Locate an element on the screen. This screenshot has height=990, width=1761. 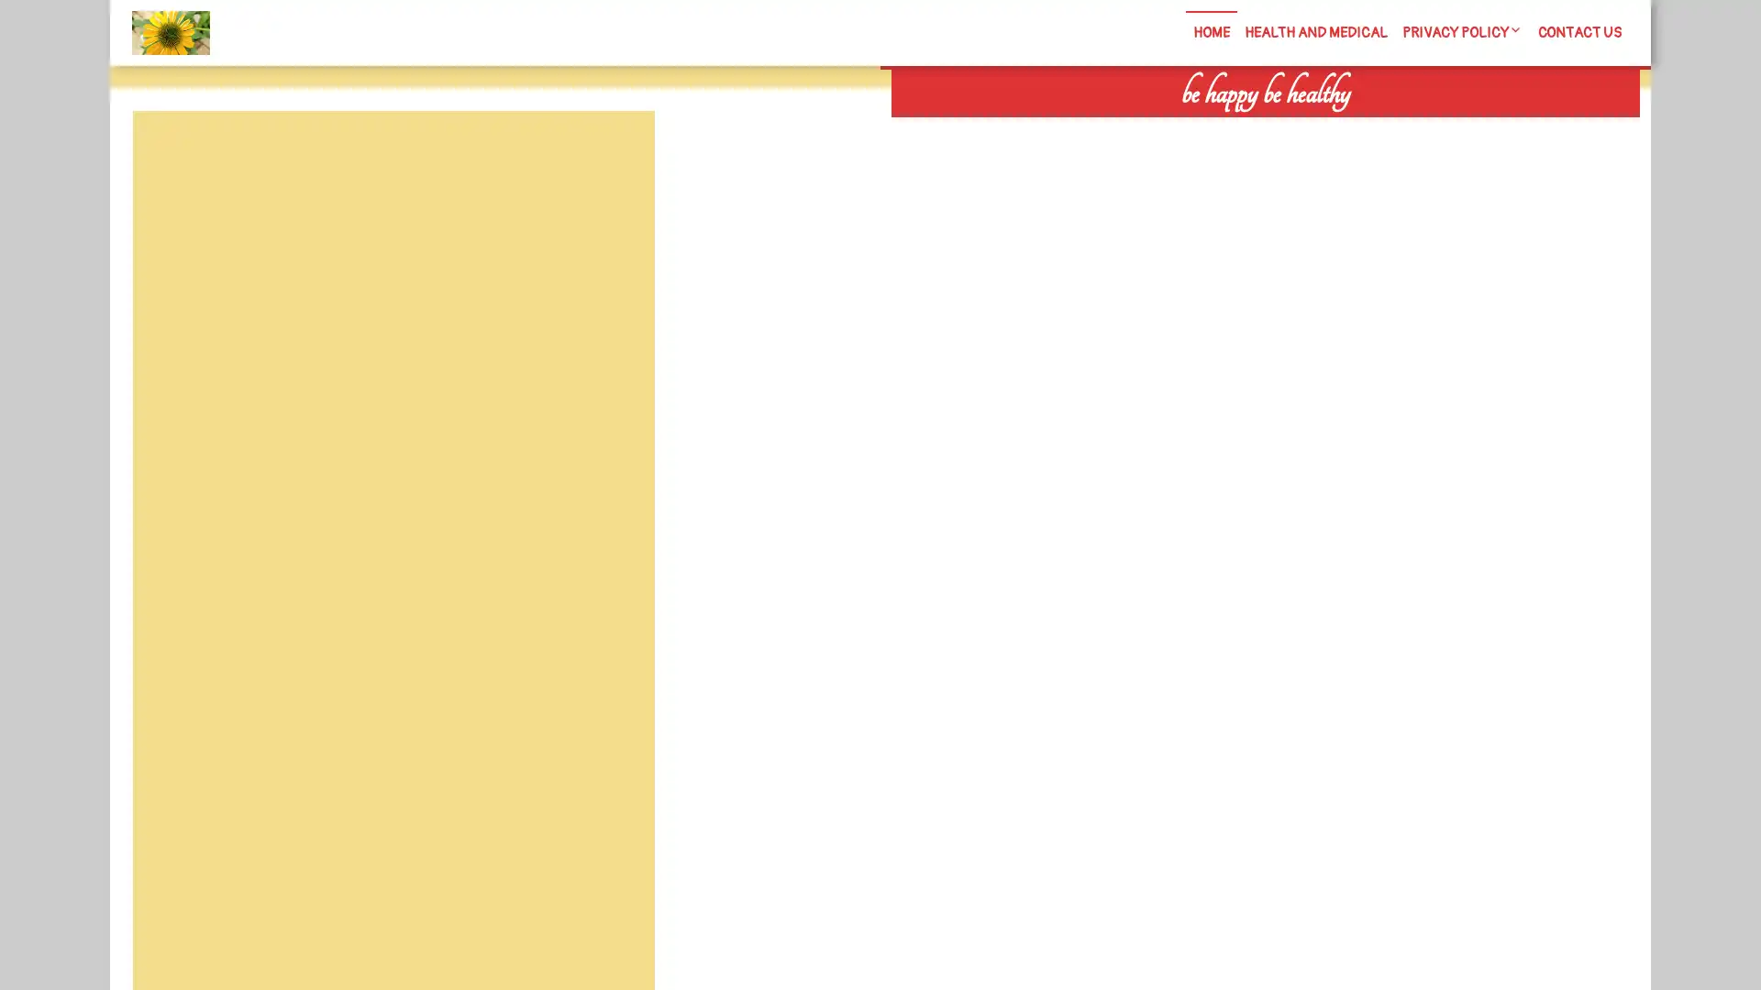
Search is located at coordinates (1428, 128).